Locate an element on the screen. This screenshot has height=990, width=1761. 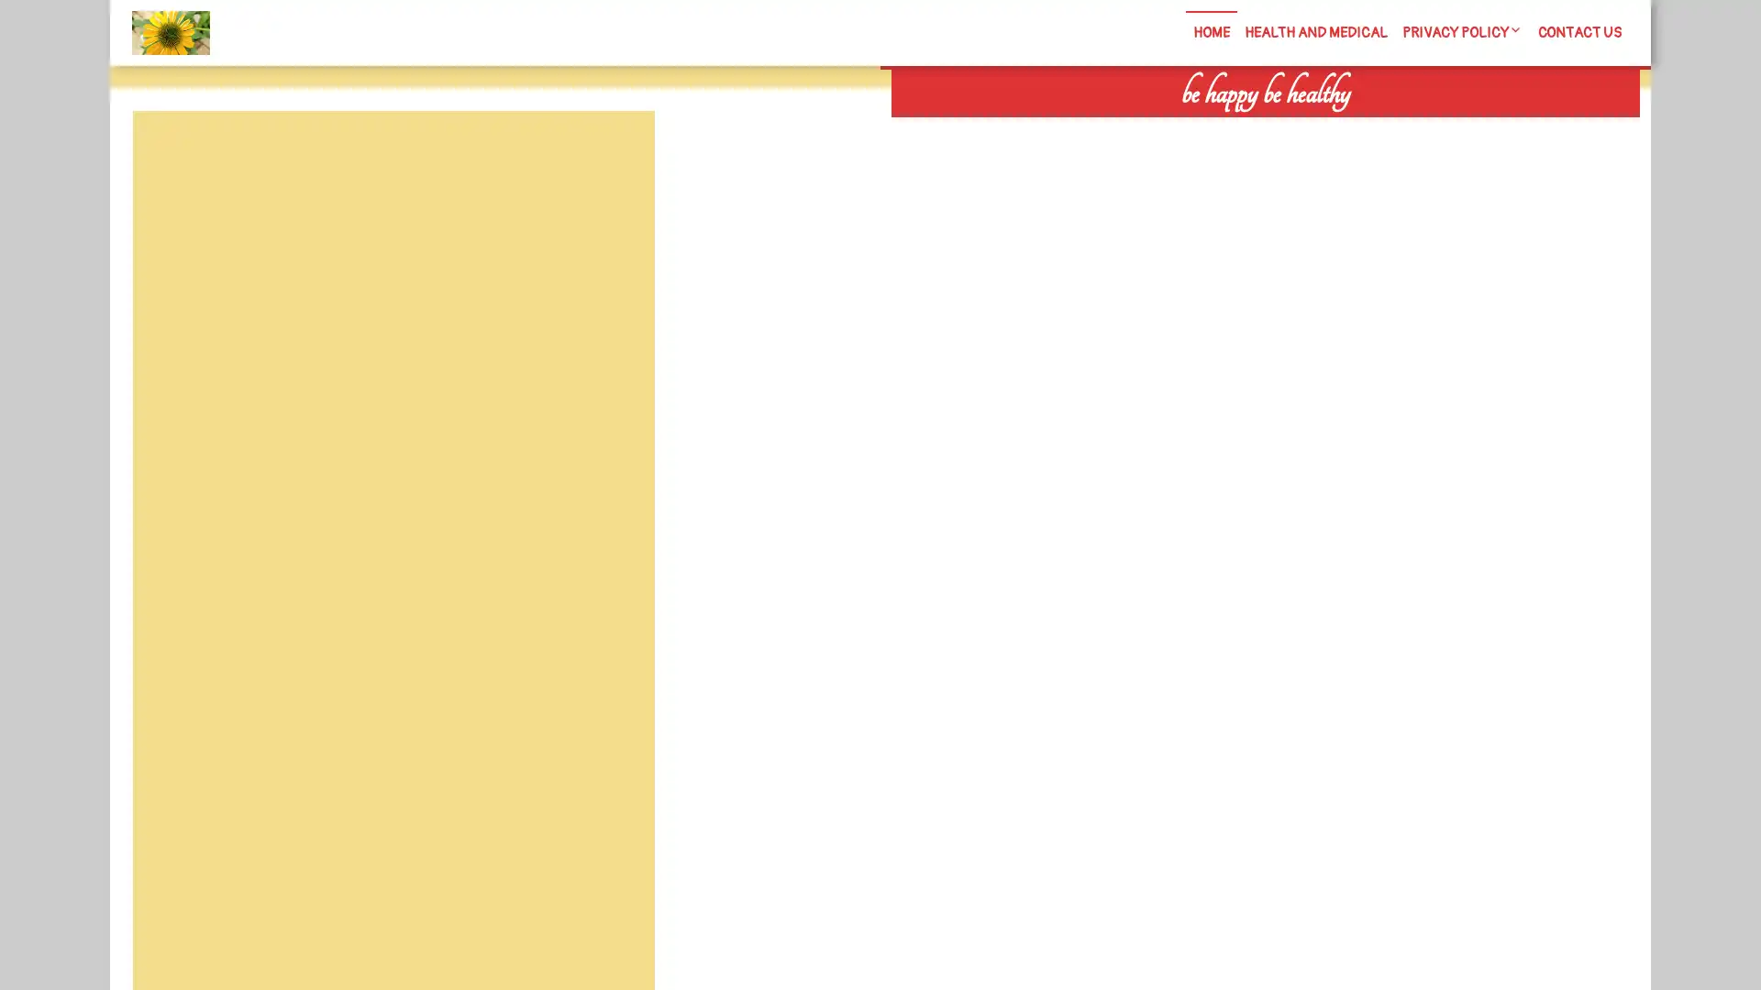
Search is located at coordinates (1428, 128).